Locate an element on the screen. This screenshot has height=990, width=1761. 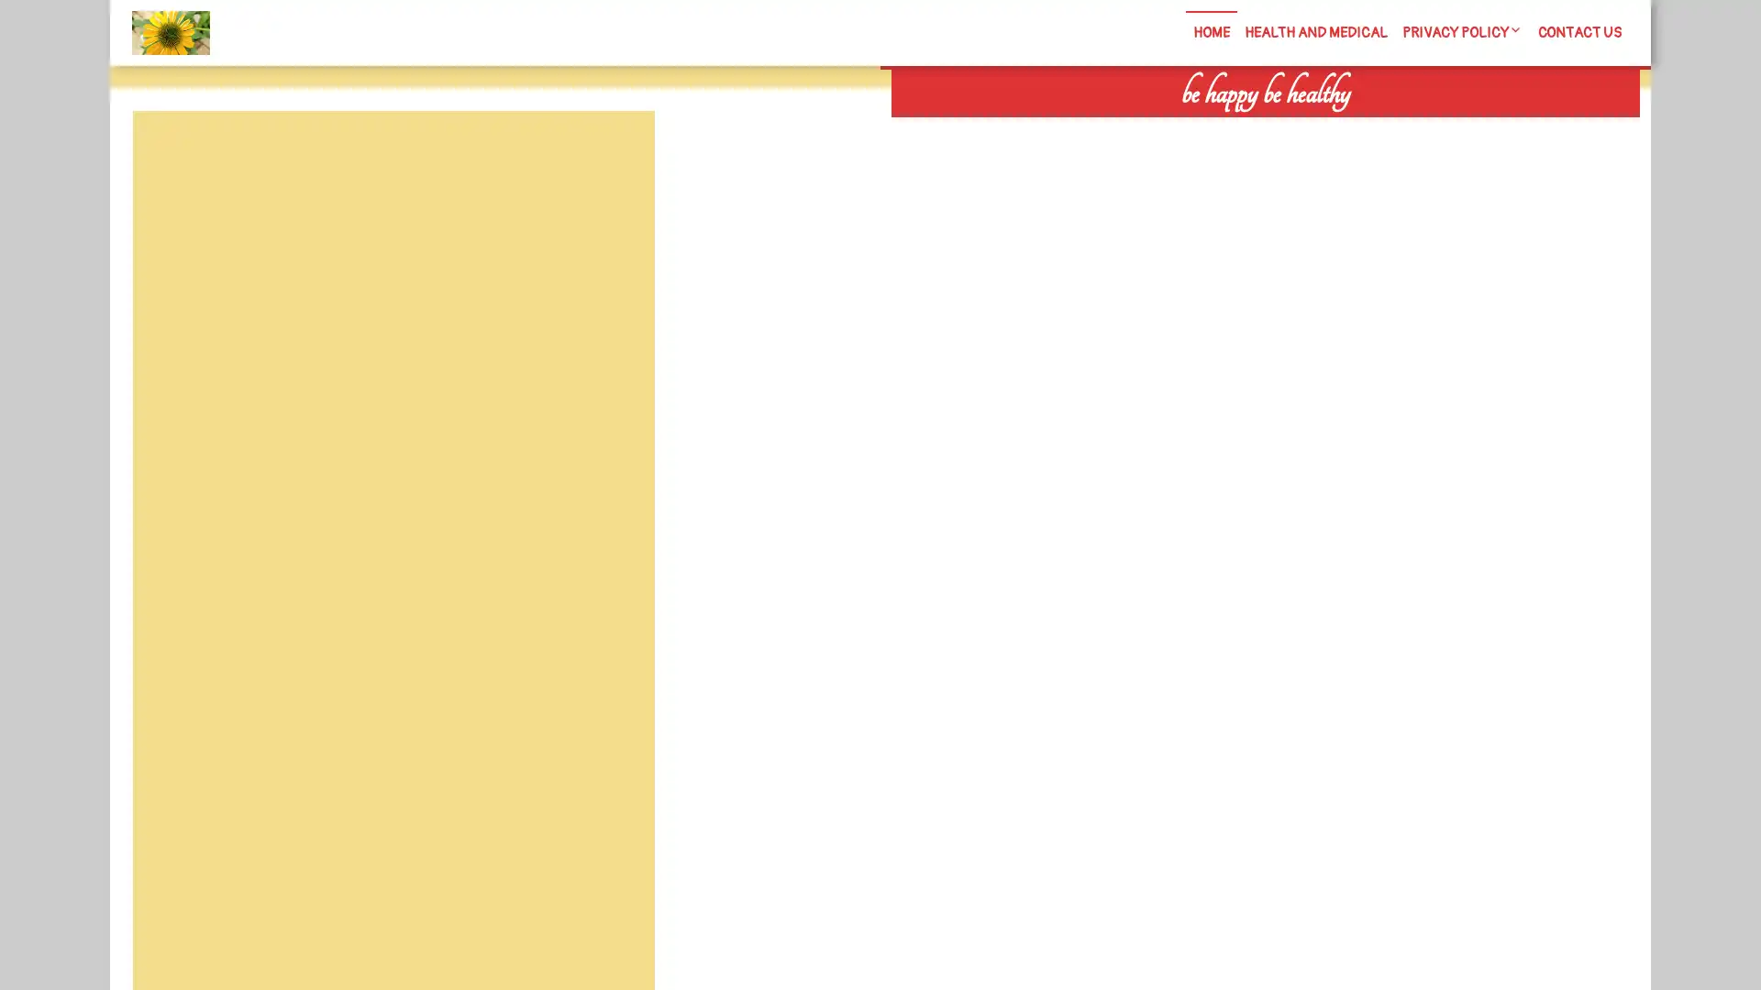
Search is located at coordinates (1428, 128).